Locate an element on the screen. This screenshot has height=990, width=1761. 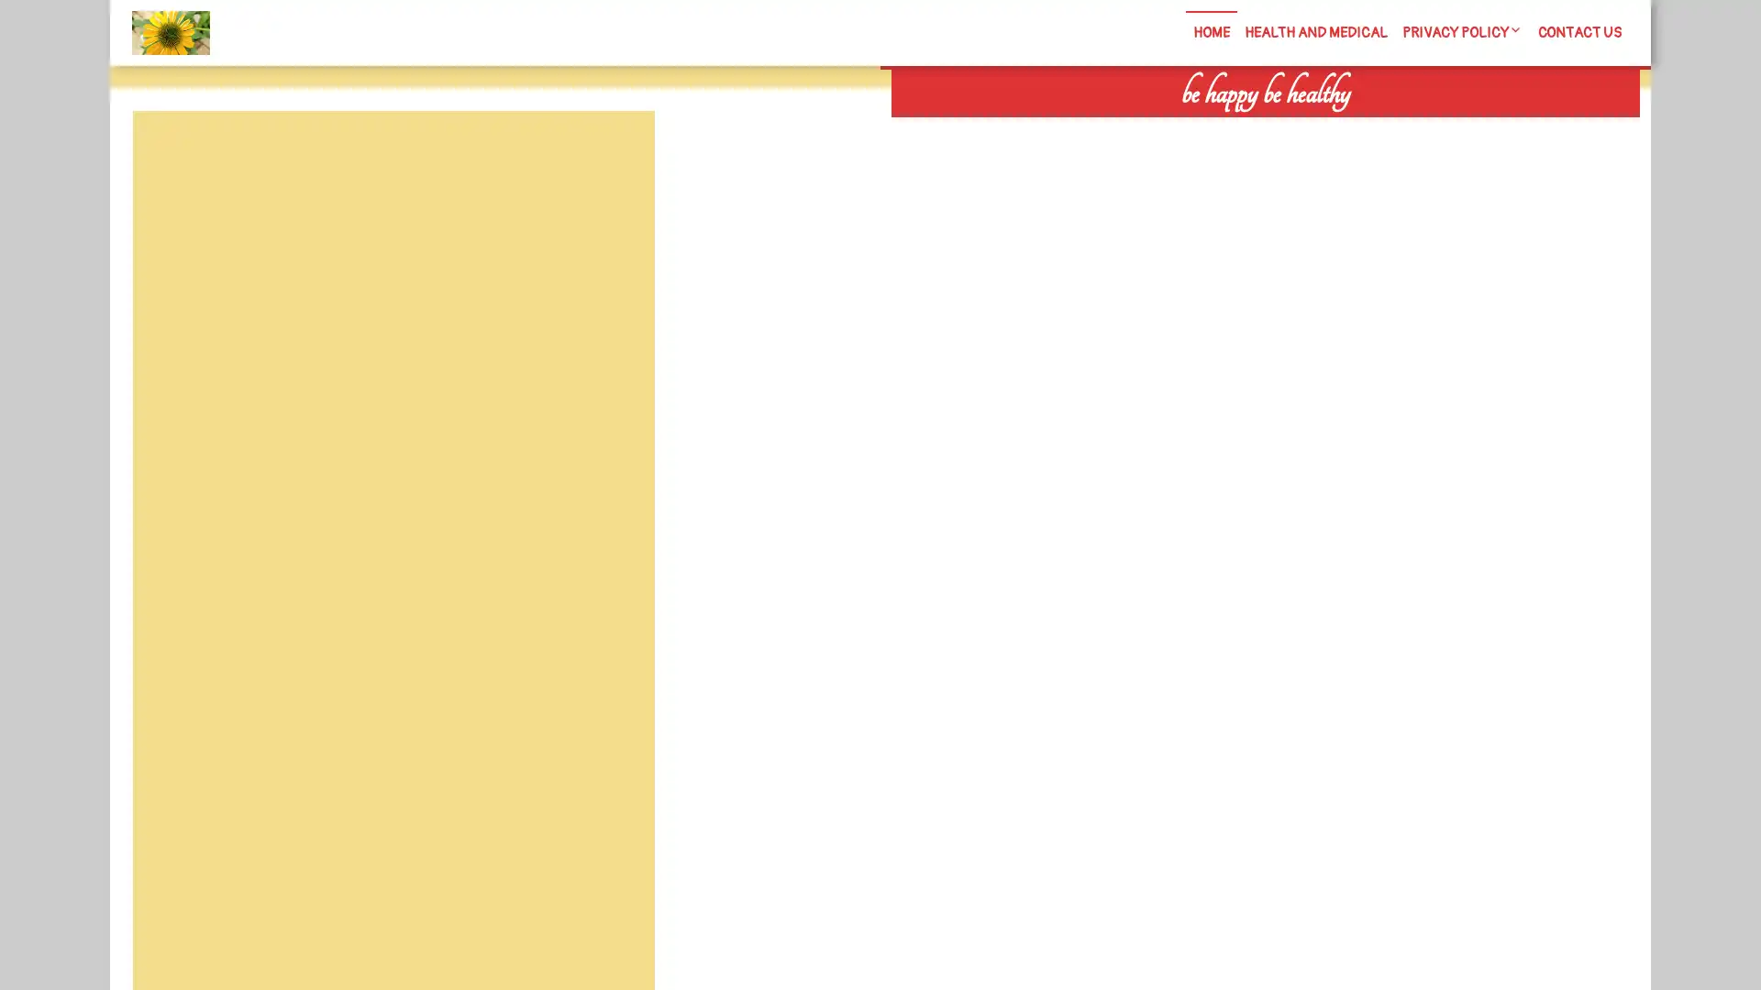
Search is located at coordinates (1428, 128).